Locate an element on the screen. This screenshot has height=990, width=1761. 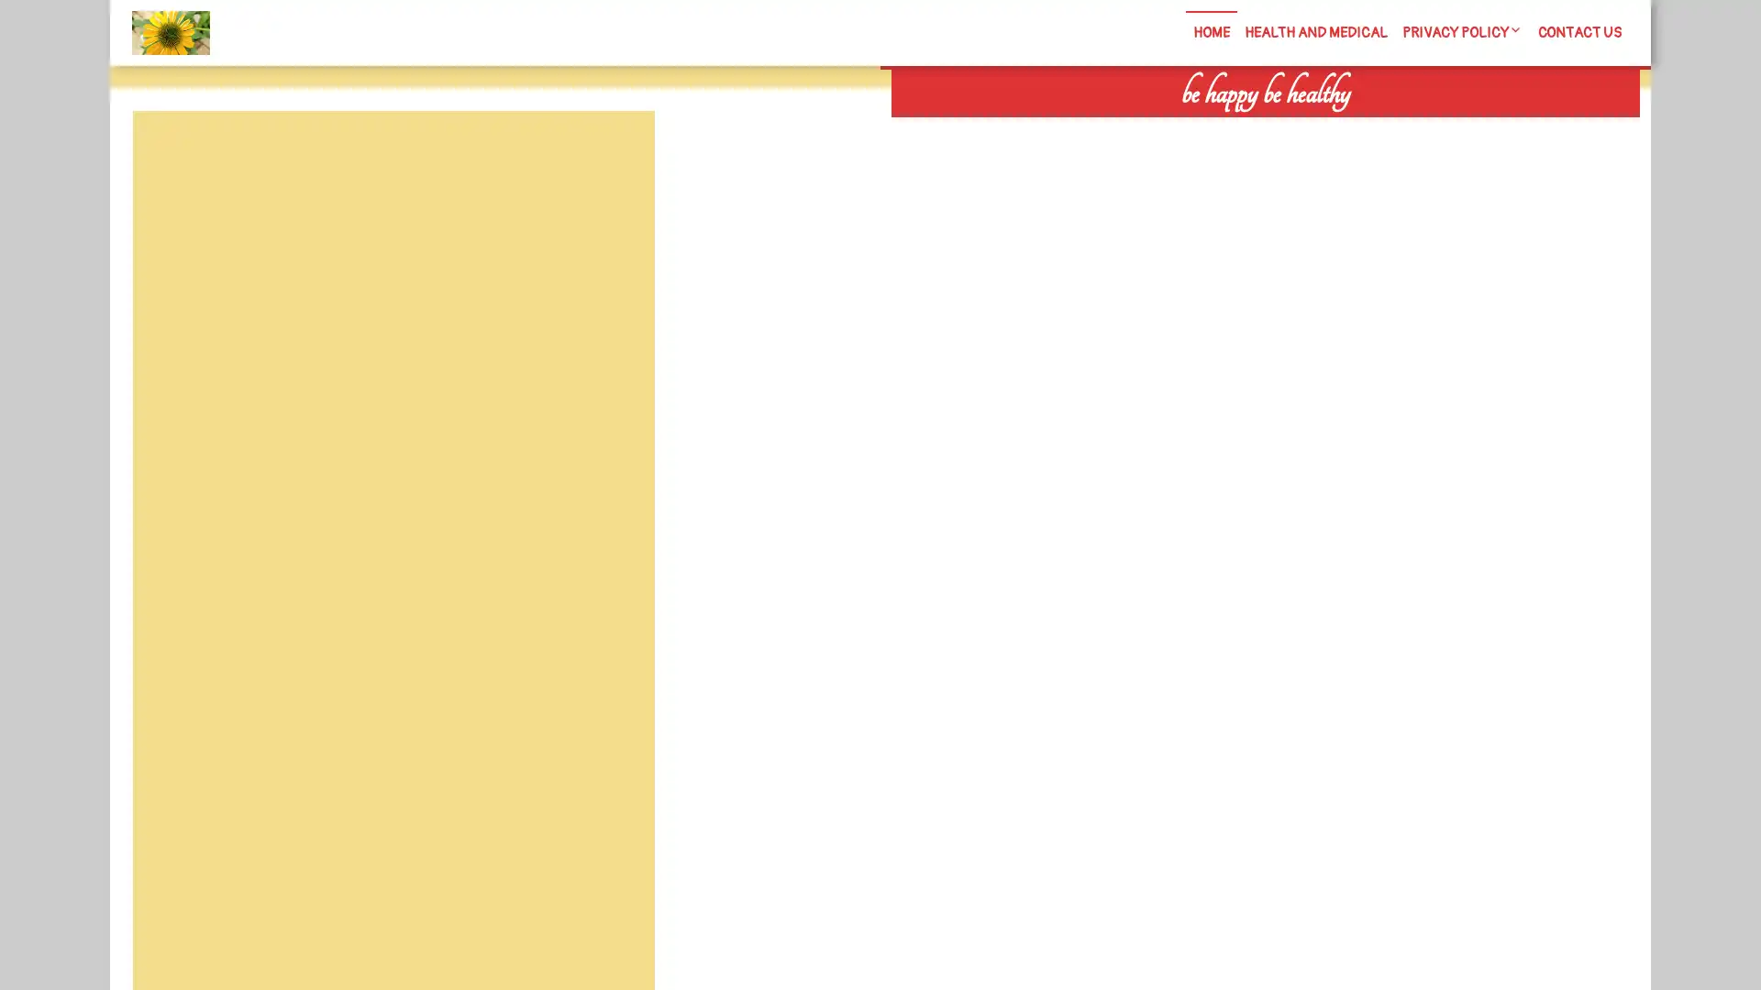
Search is located at coordinates (1428, 128).